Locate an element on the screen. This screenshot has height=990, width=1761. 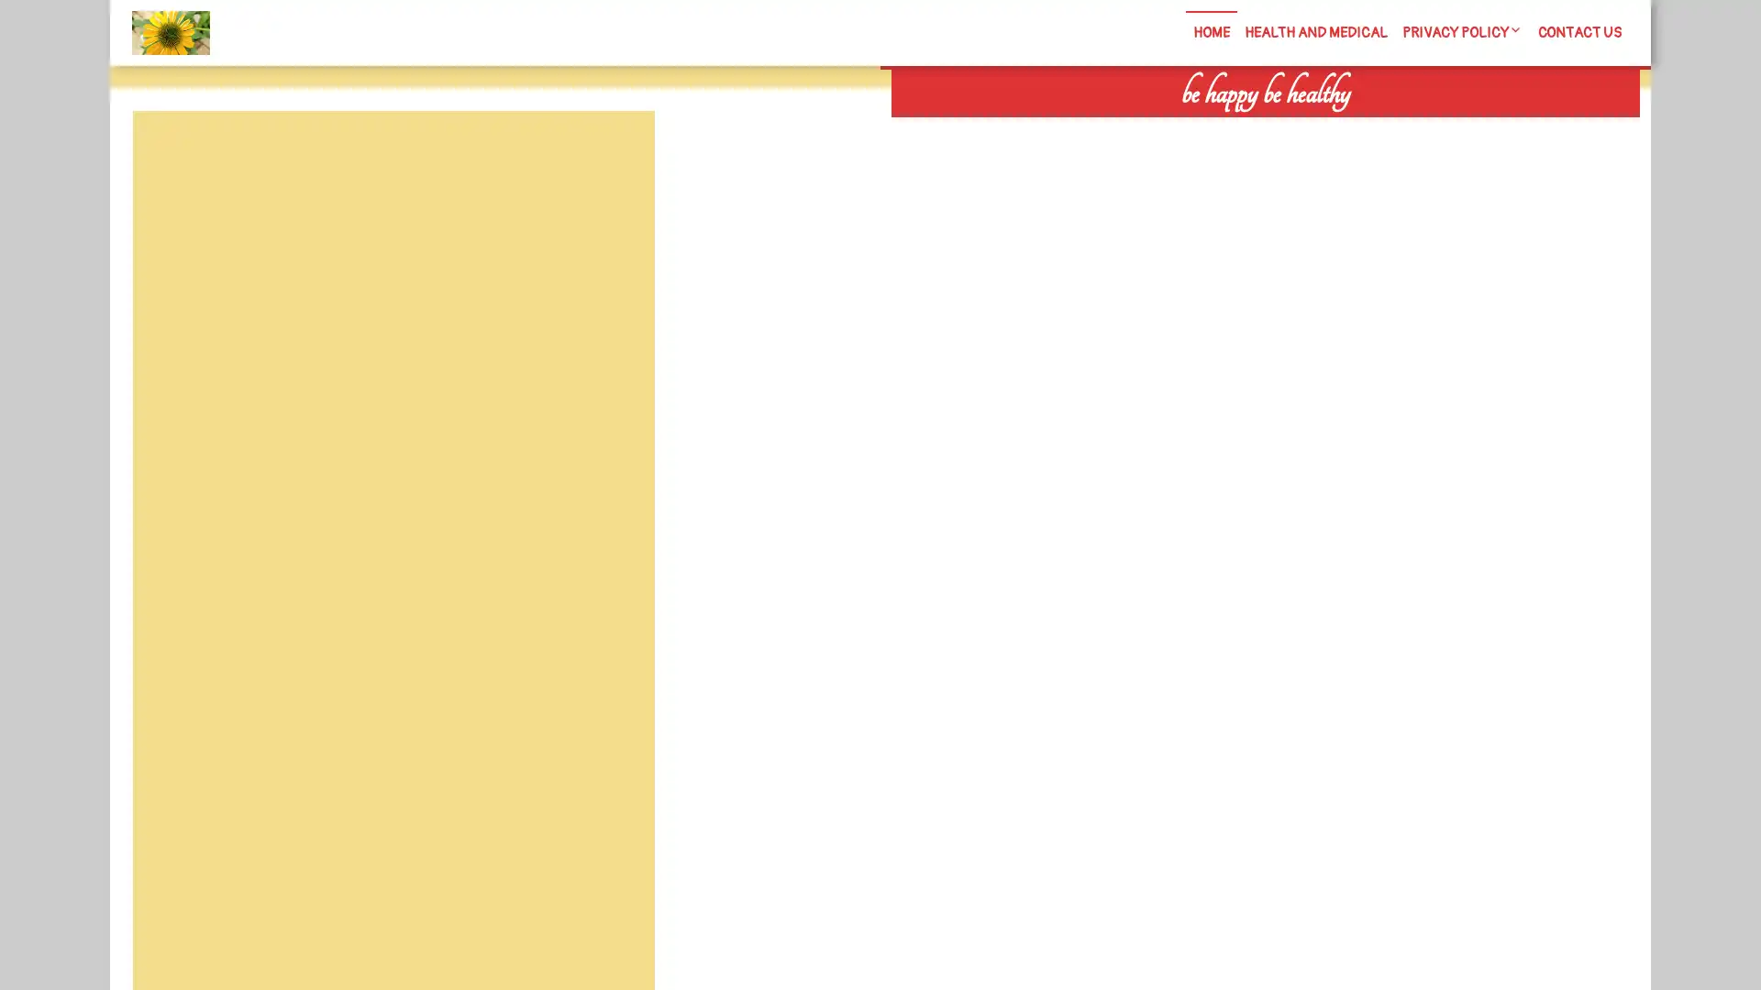
Search is located at coordinates (1428, 128).